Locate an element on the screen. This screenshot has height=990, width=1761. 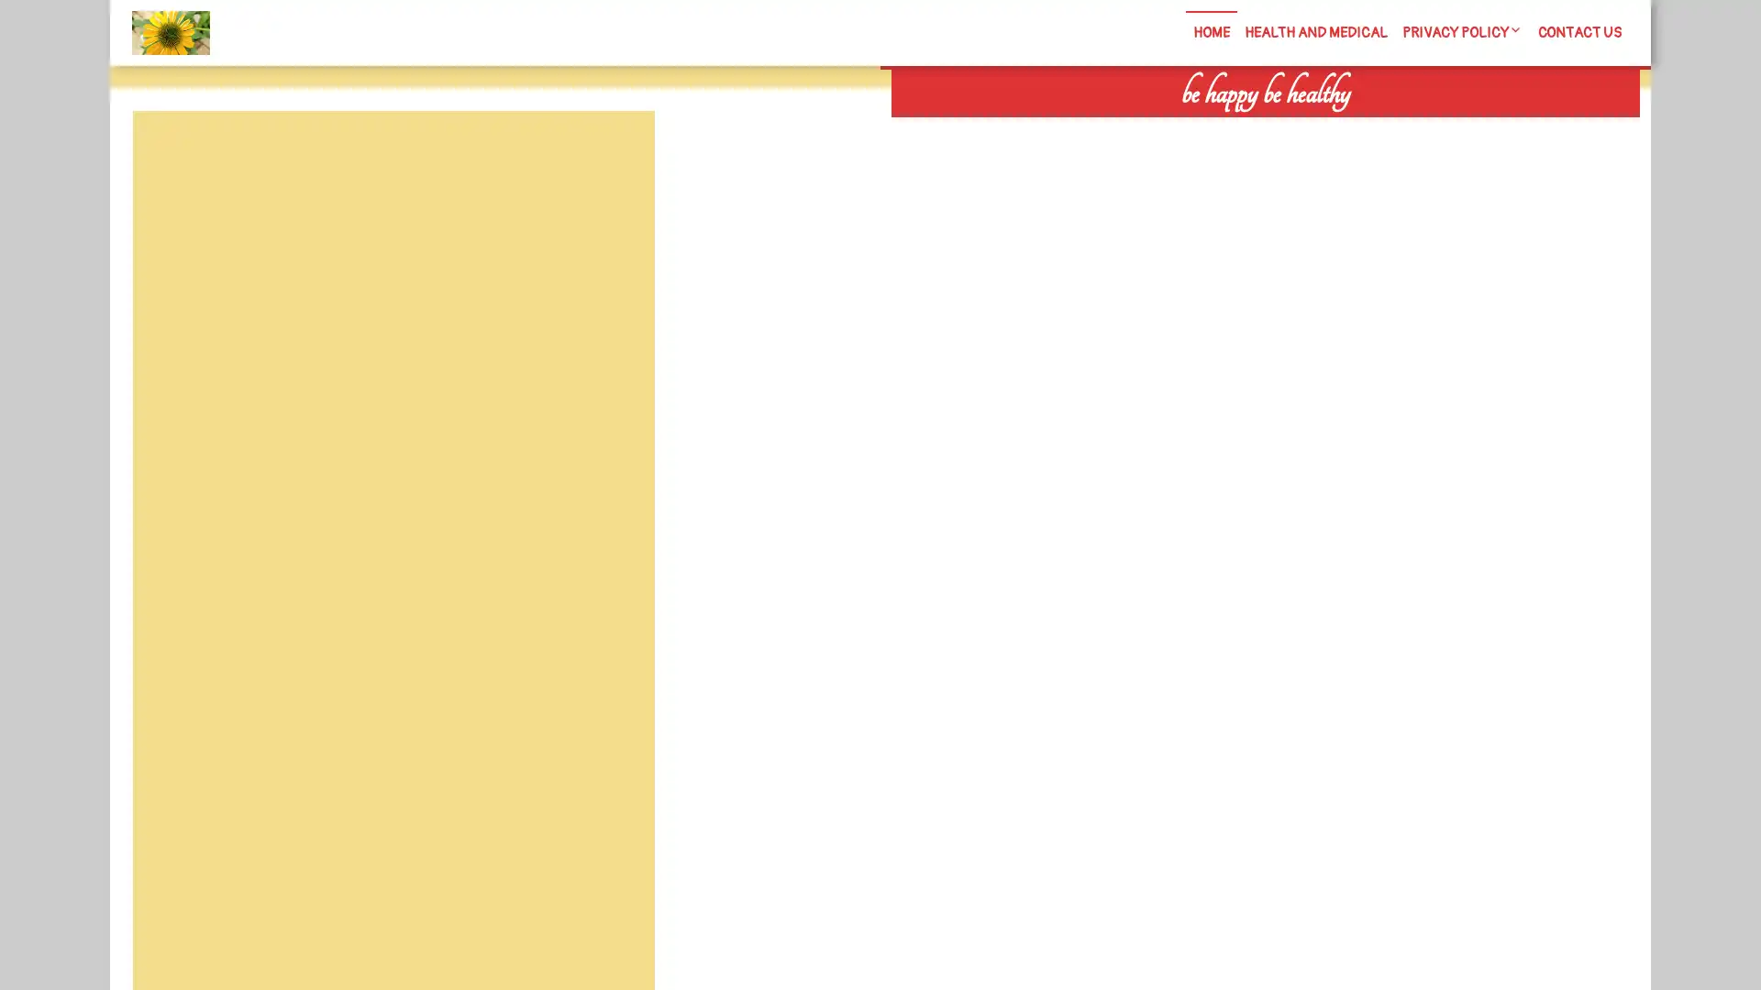
Search is located at coordinates (1428, 128).